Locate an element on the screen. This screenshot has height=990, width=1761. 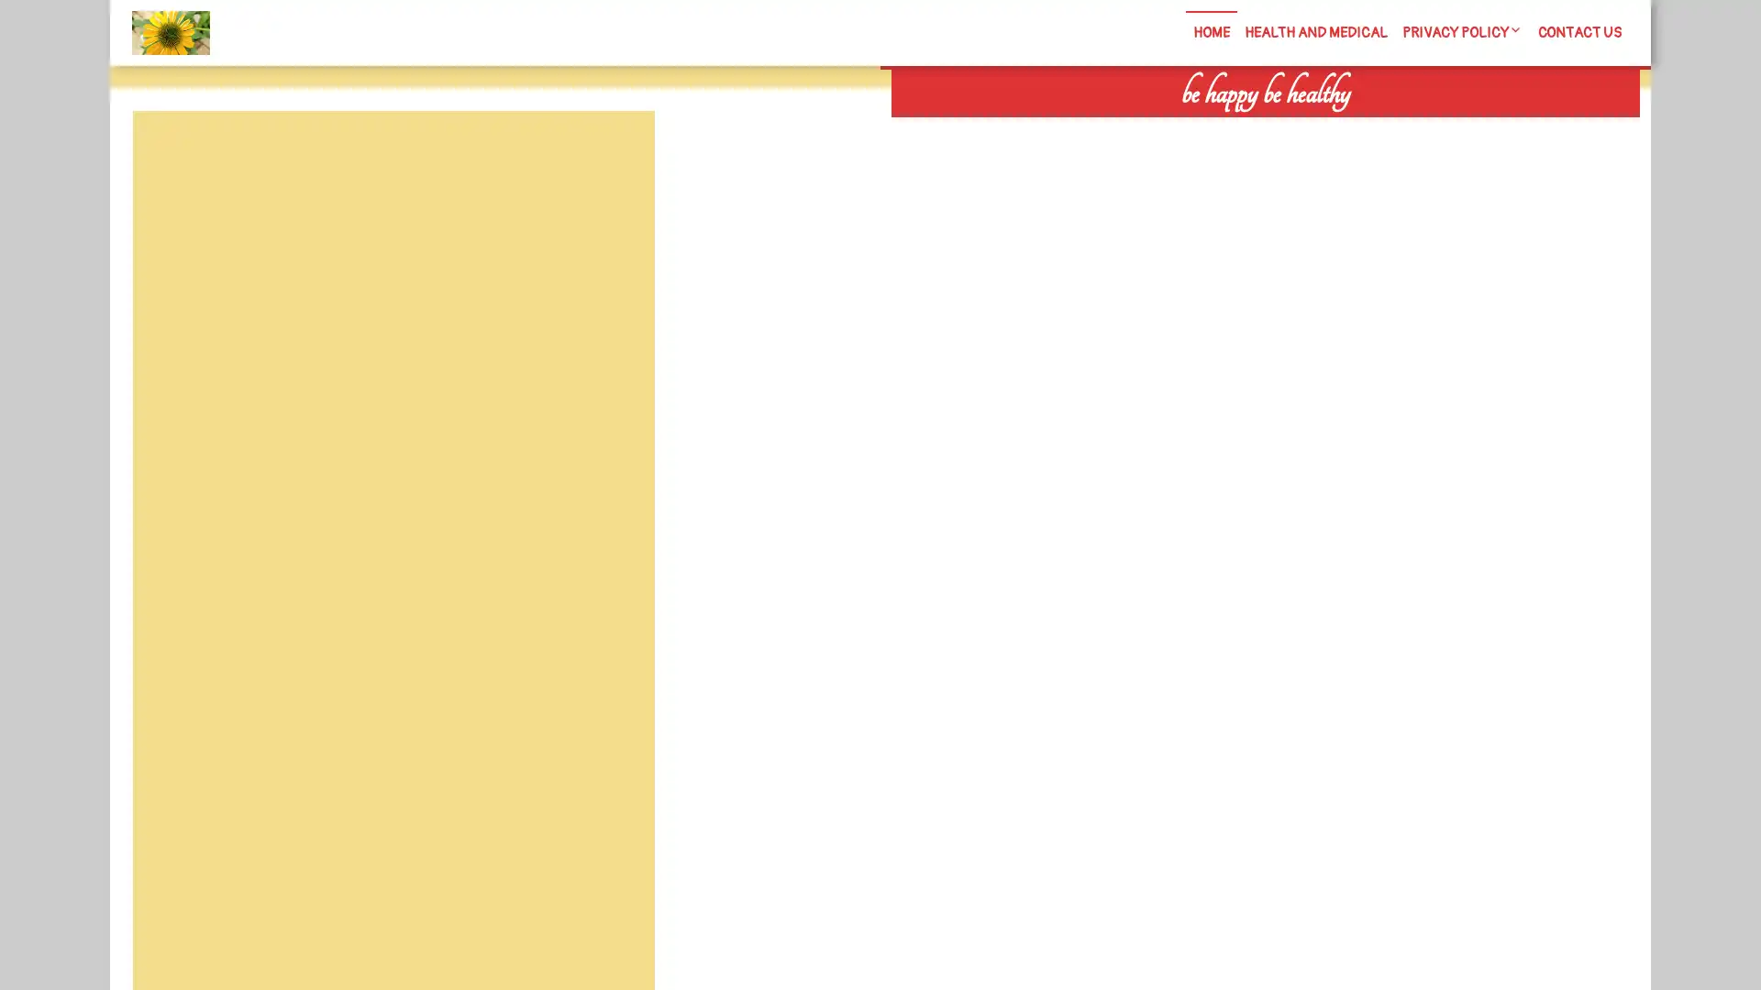
Search is located at coordinates (1428, 128).